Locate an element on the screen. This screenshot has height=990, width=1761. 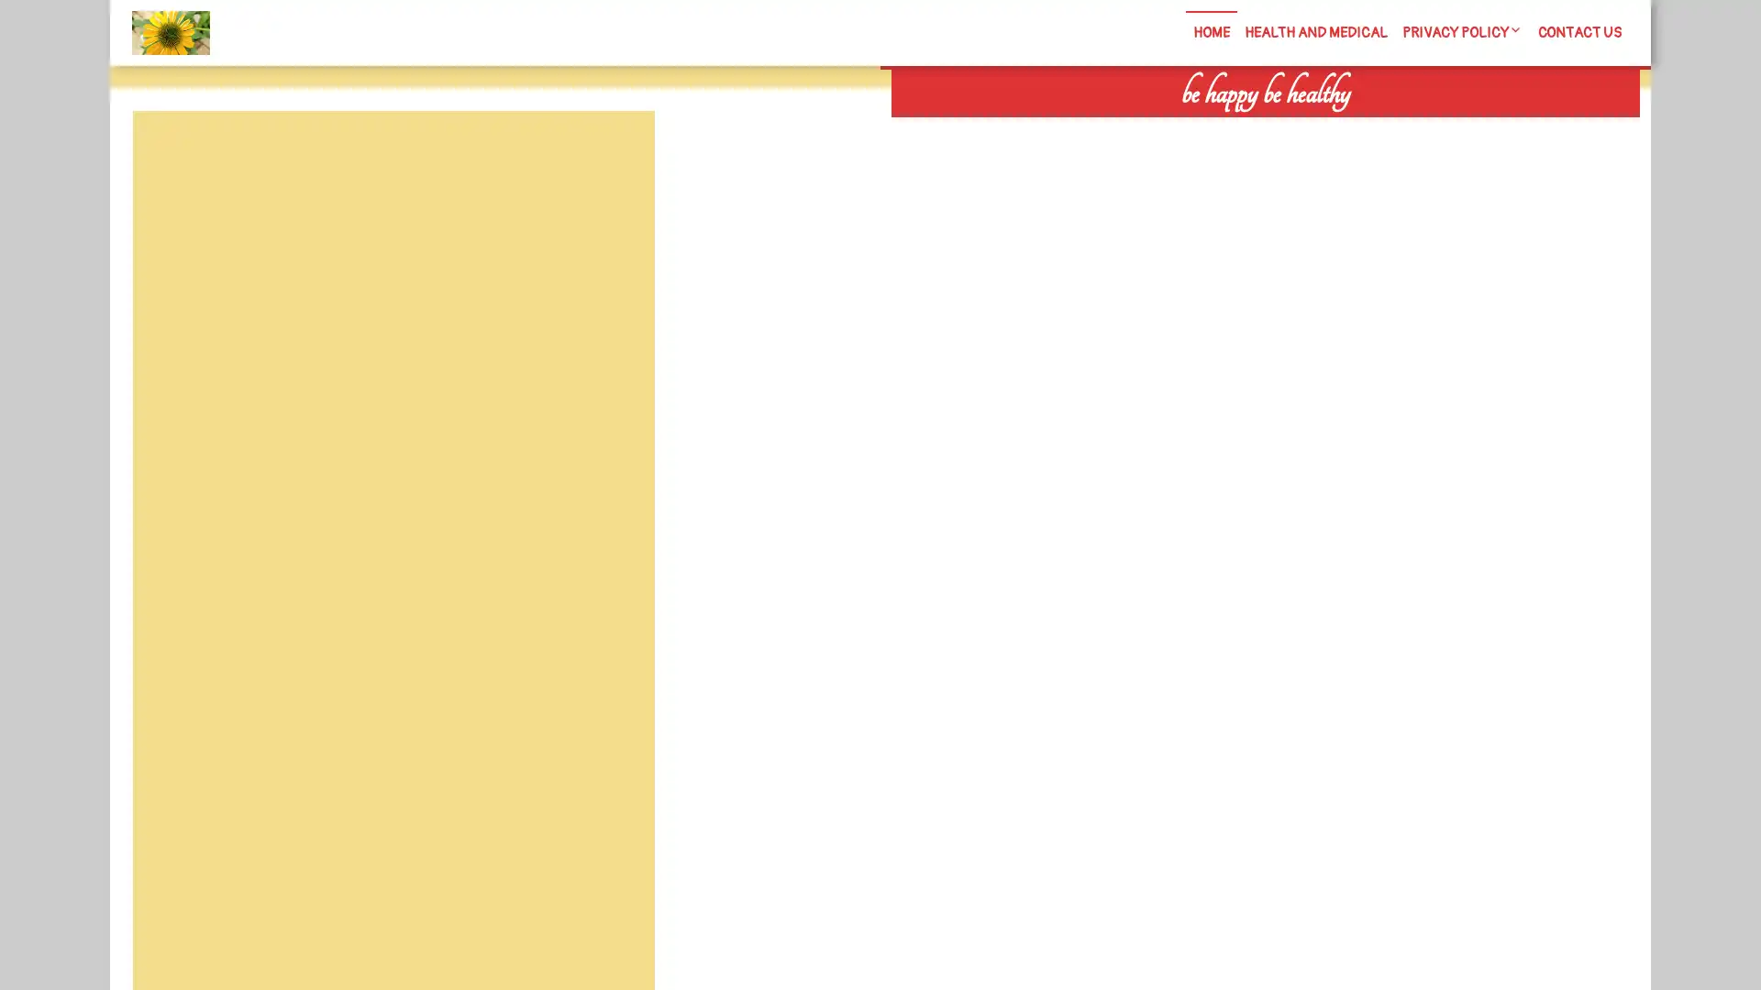
Search is located at coordinates (1428, 128).